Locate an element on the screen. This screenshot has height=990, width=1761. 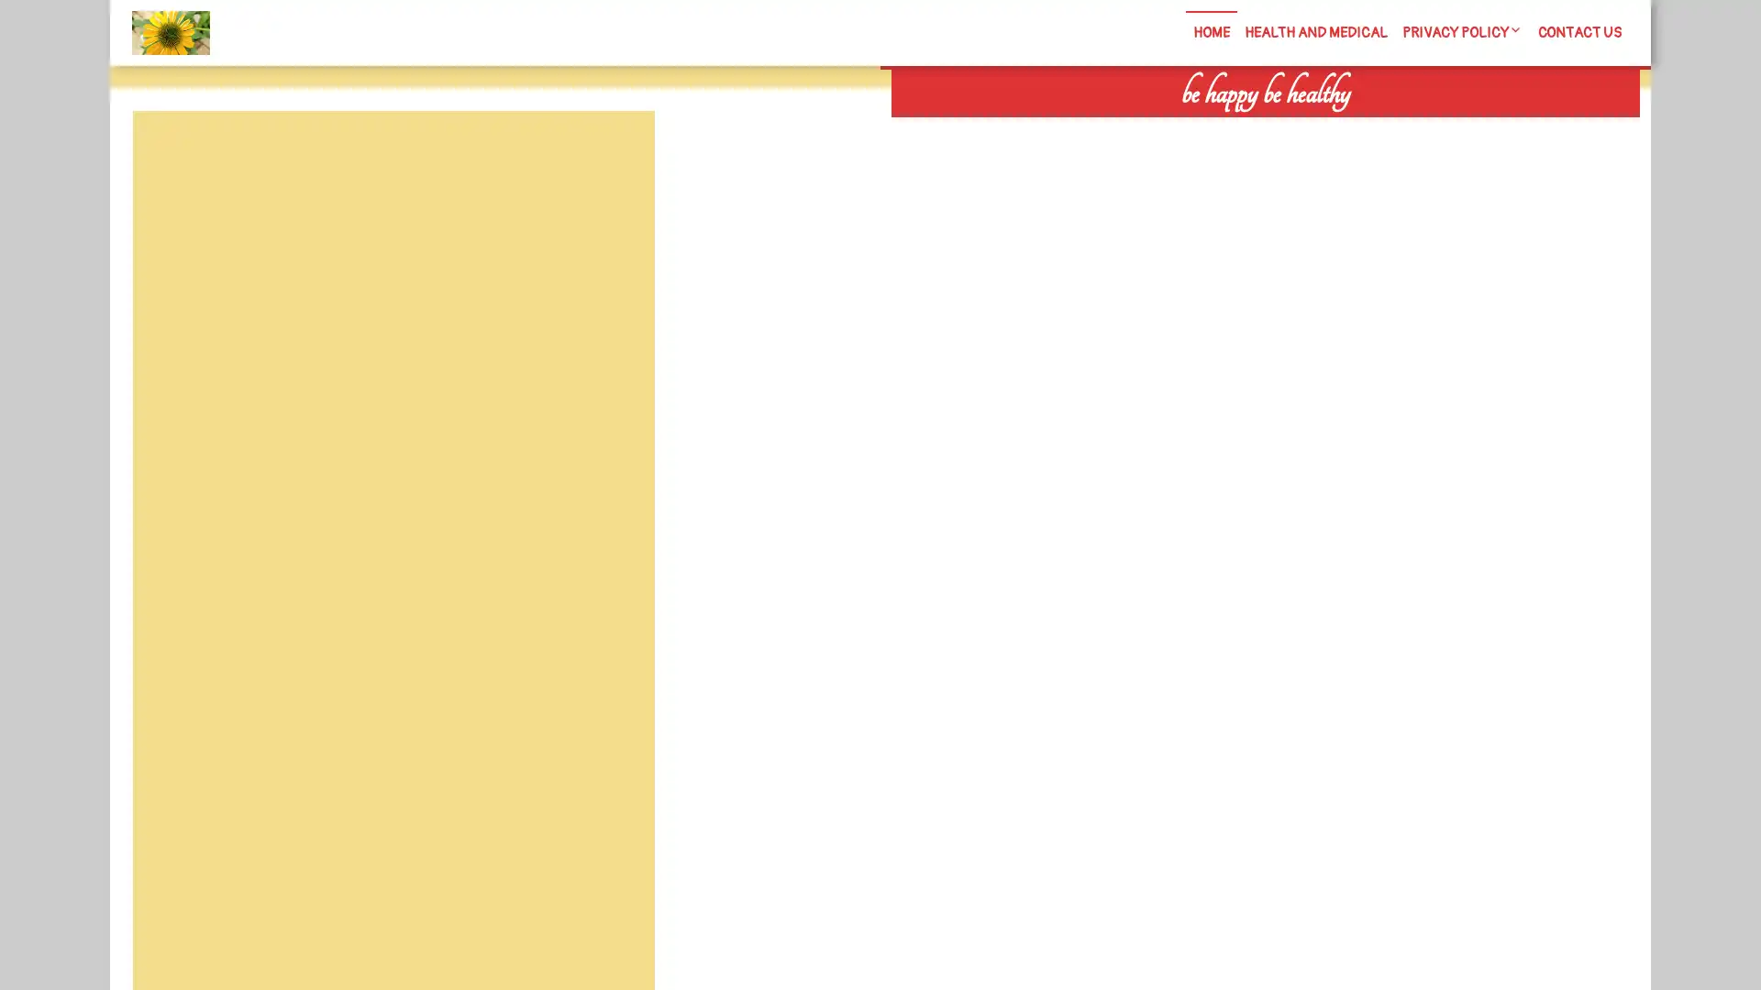
Search is located at coordinates (1428, 128).